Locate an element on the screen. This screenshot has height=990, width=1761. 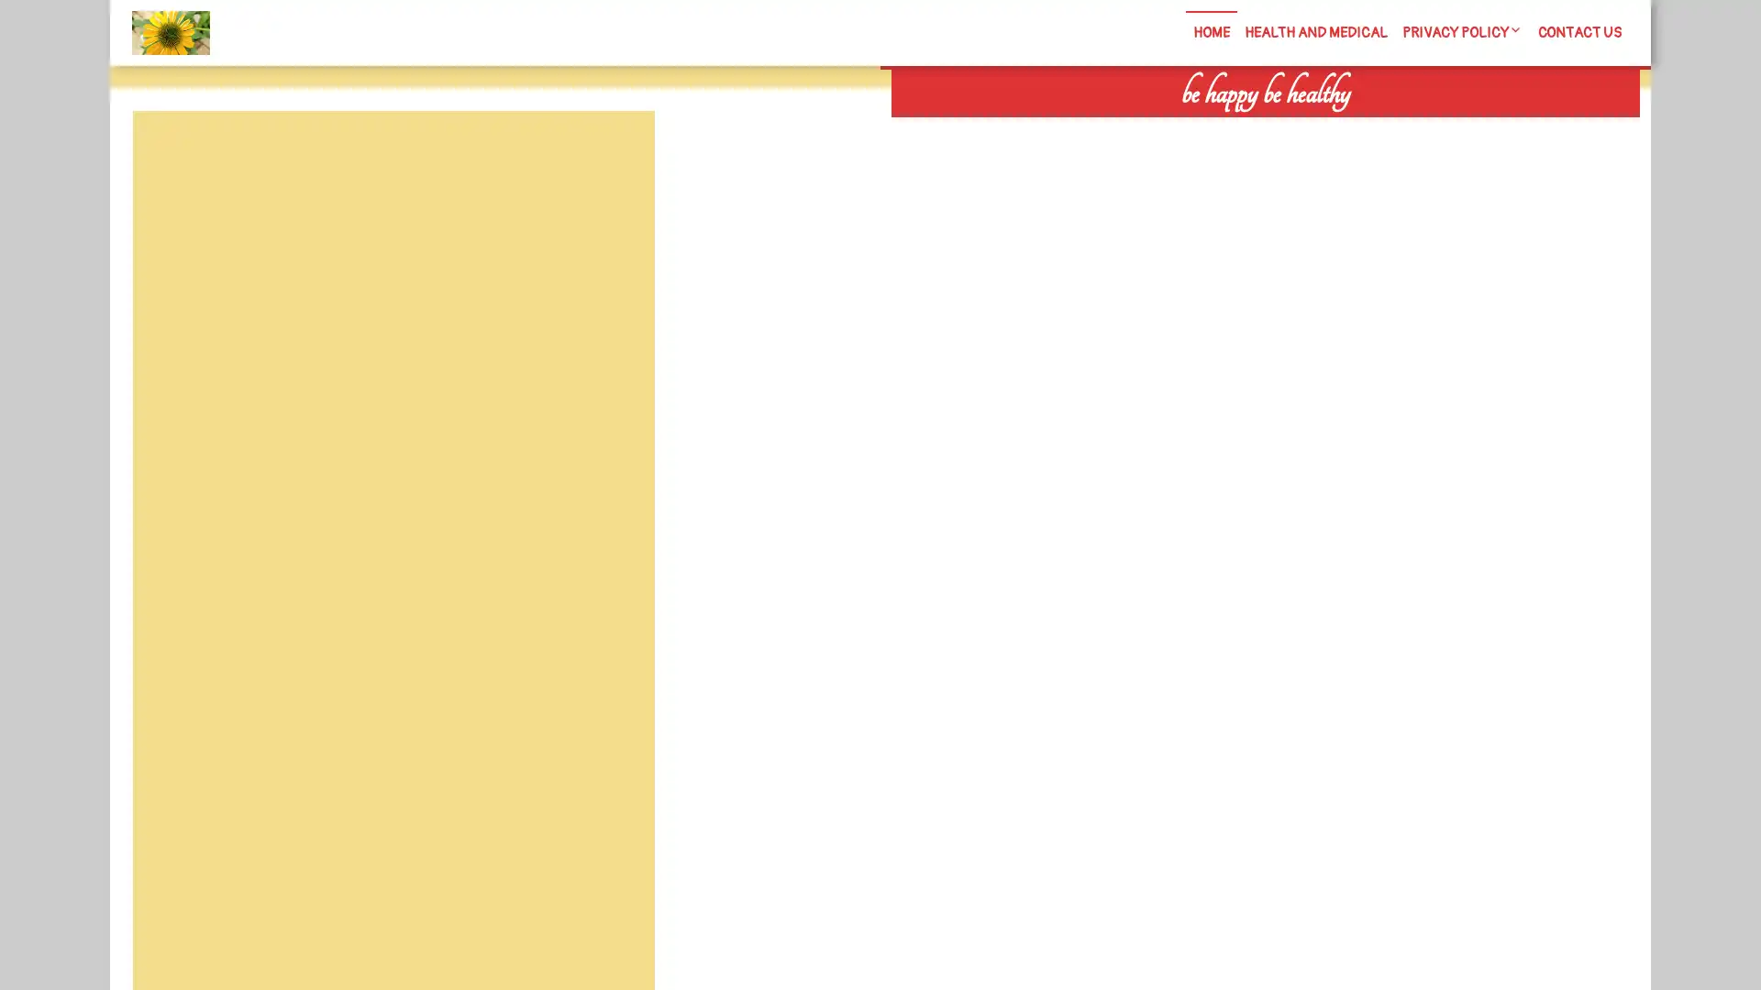
Search is located at coordinates (1428, 128).